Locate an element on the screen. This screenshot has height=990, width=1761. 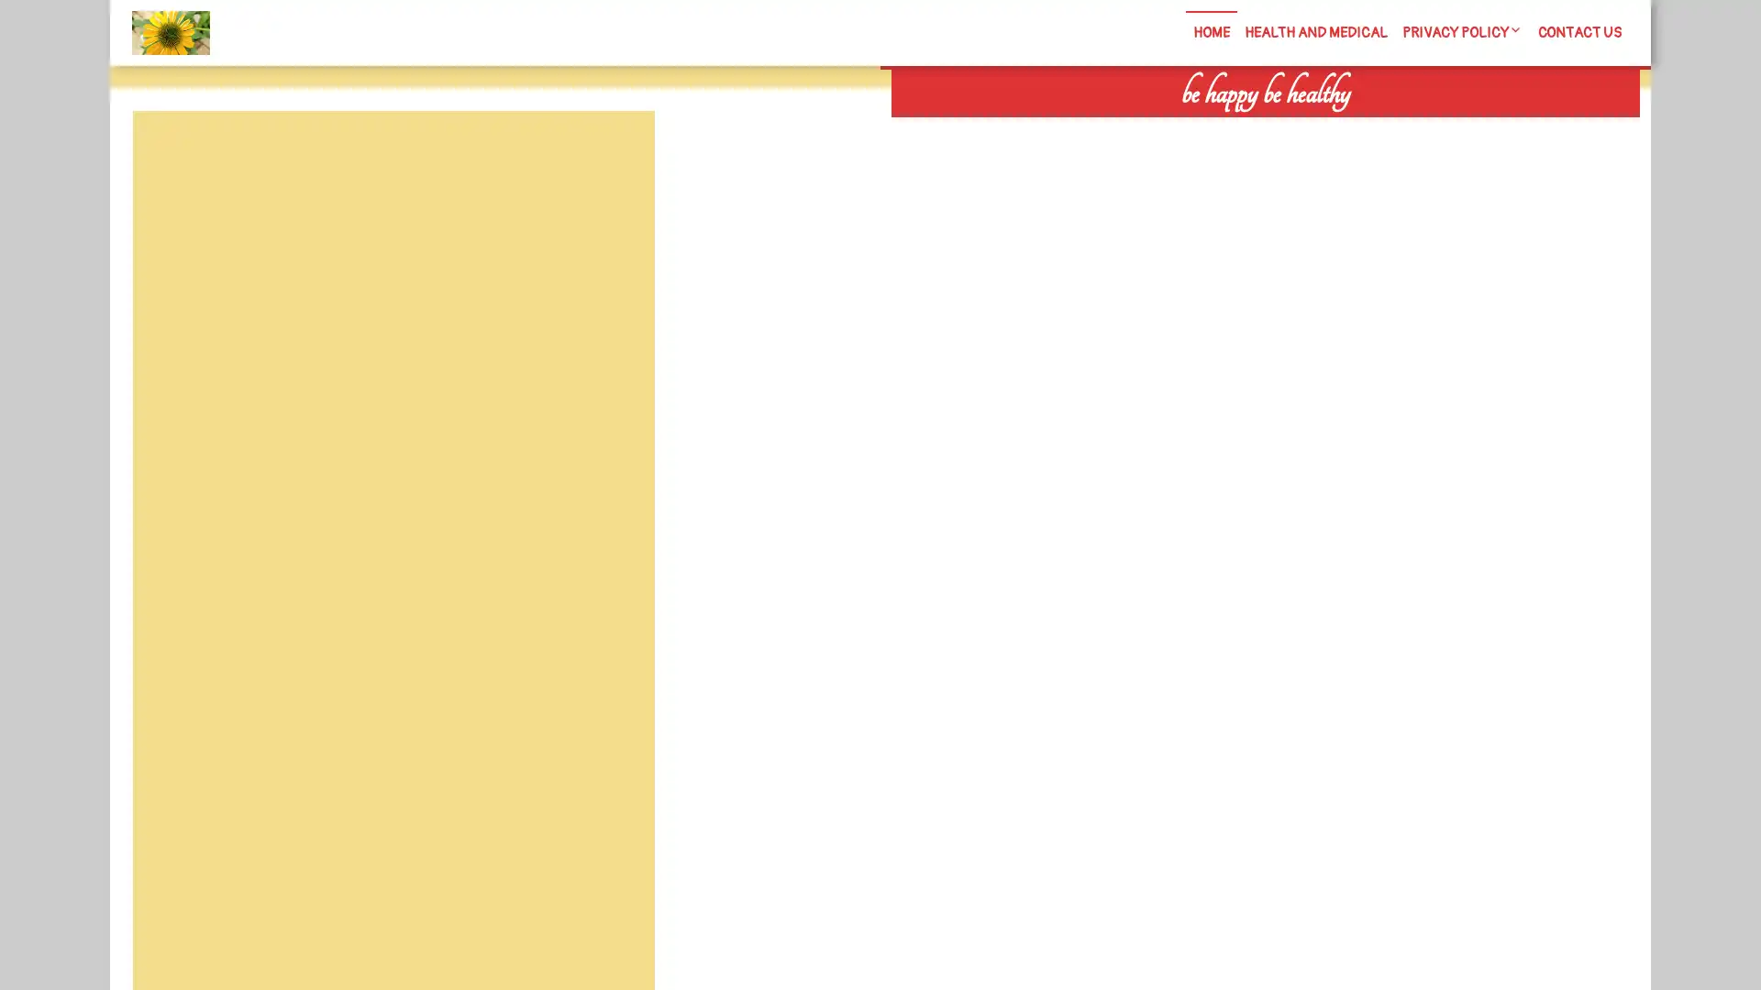
Search is located at coordinates (1428, 128).